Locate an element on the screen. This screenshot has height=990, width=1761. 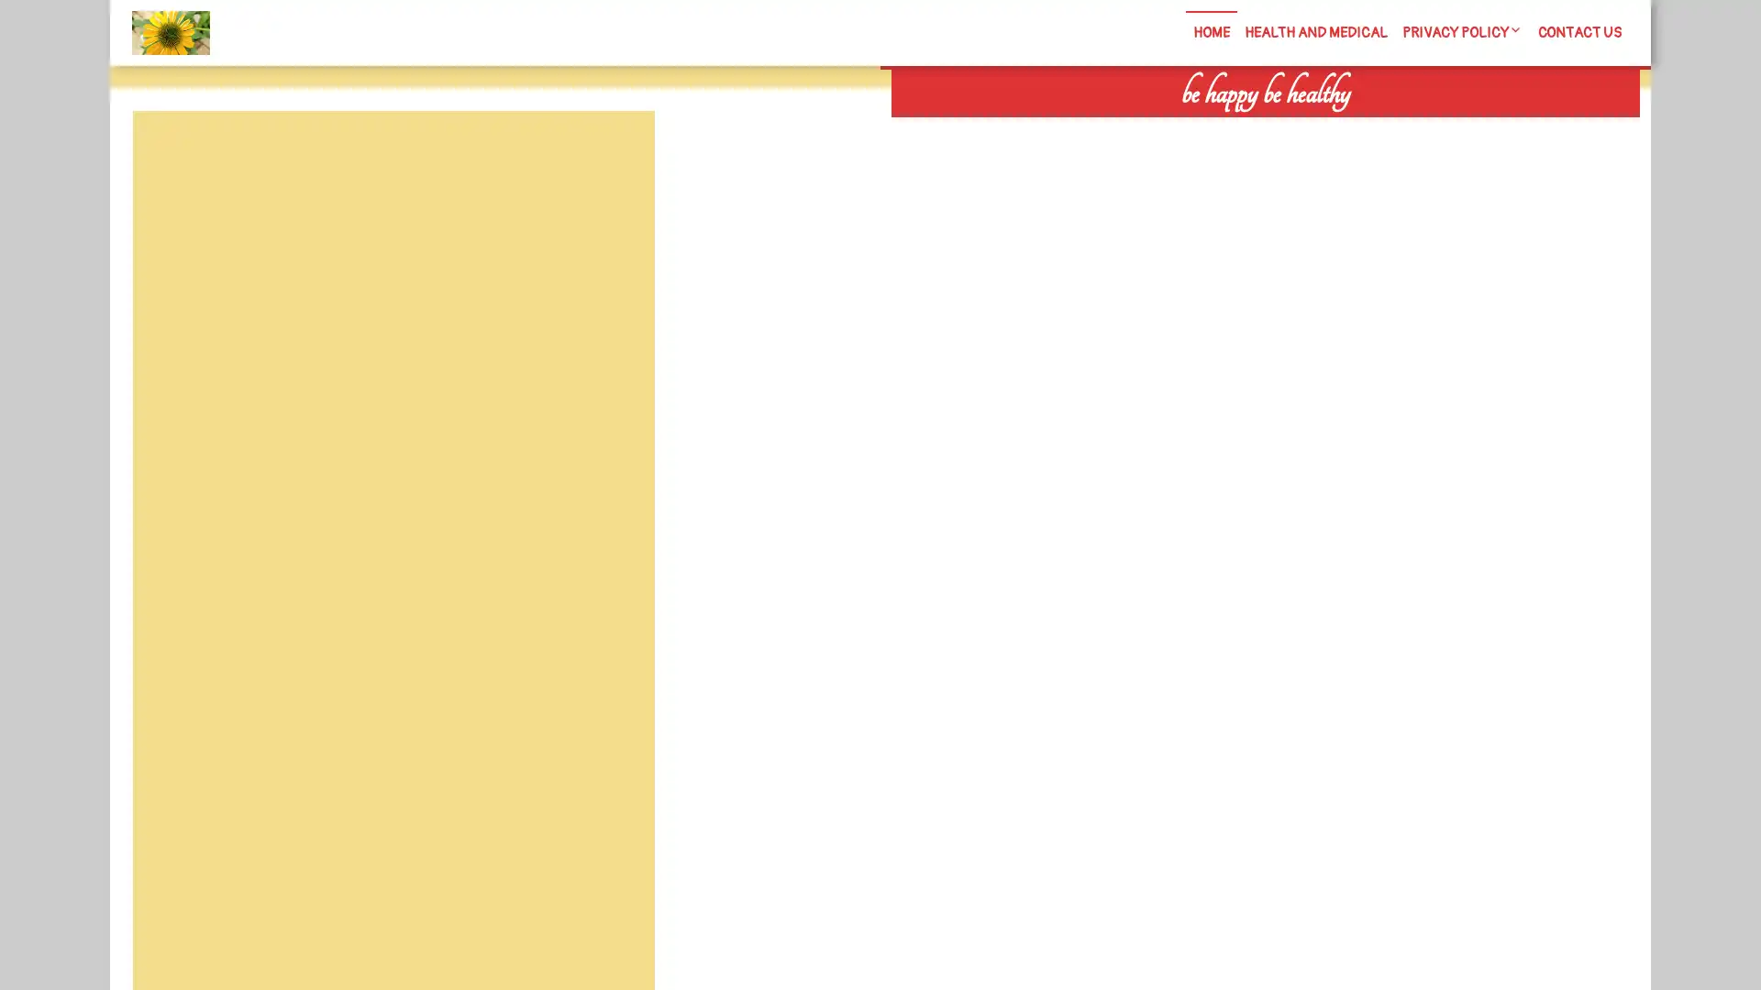
Search is located at coordinates (1428, 128).